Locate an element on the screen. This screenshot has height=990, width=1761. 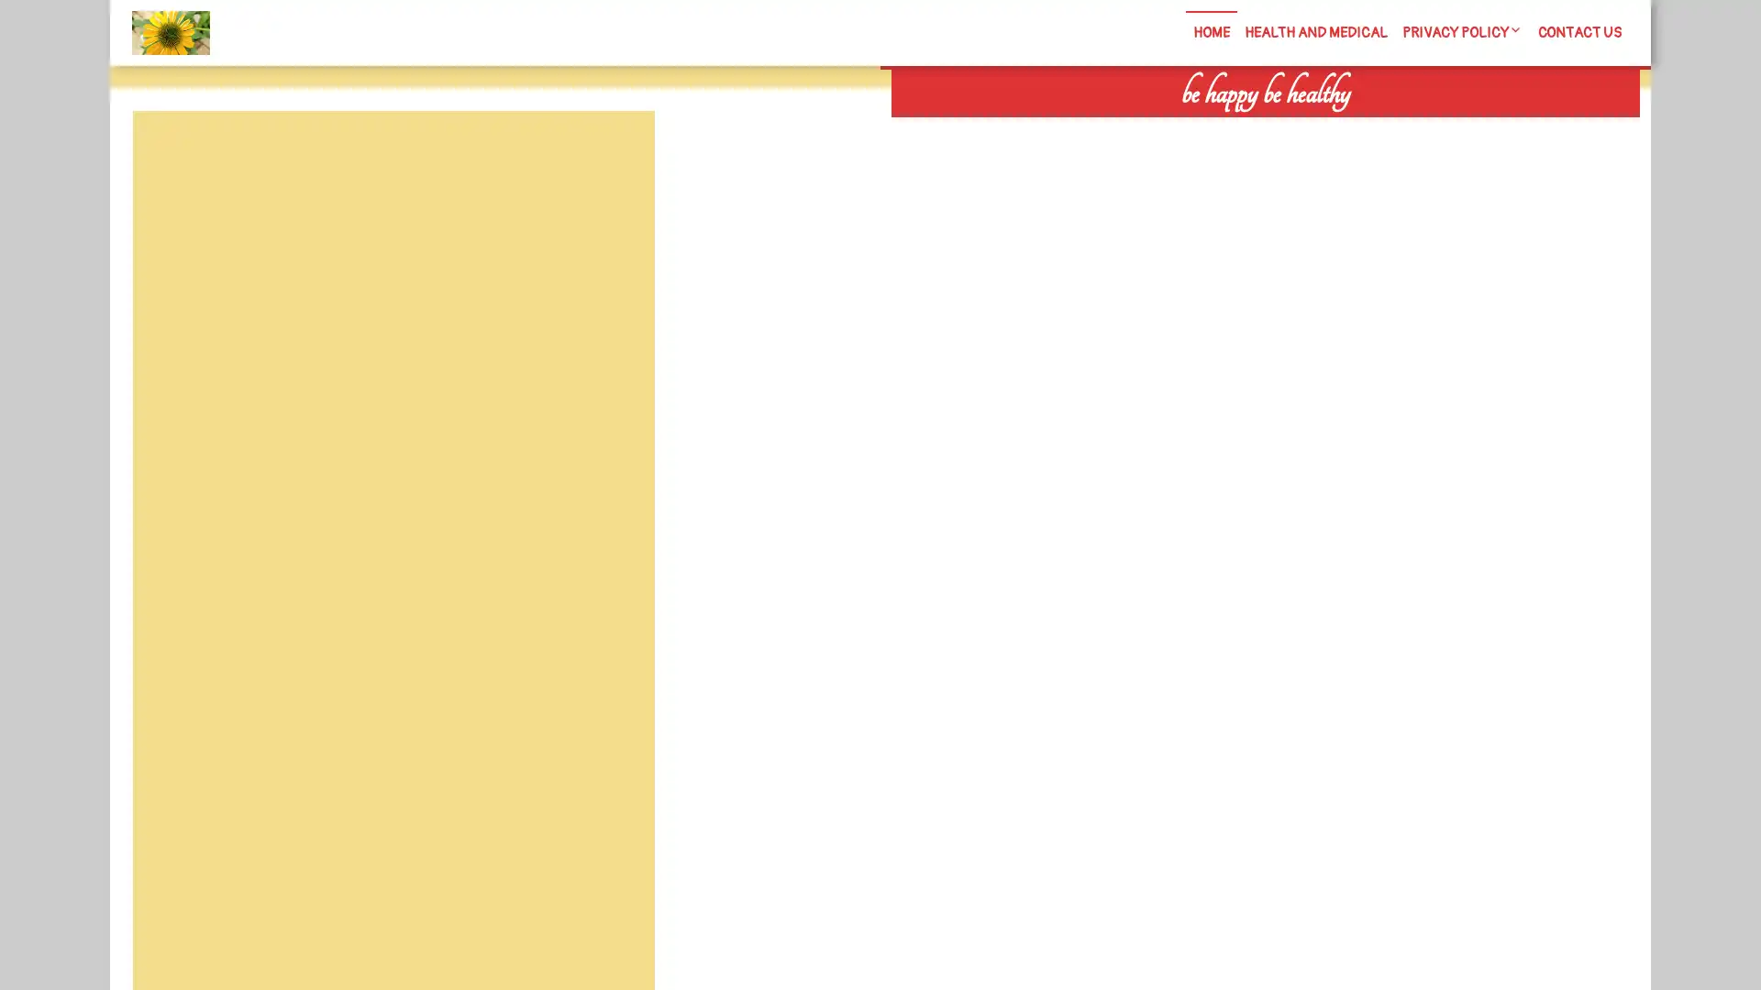
Search is located at coordinates (1428, 128).